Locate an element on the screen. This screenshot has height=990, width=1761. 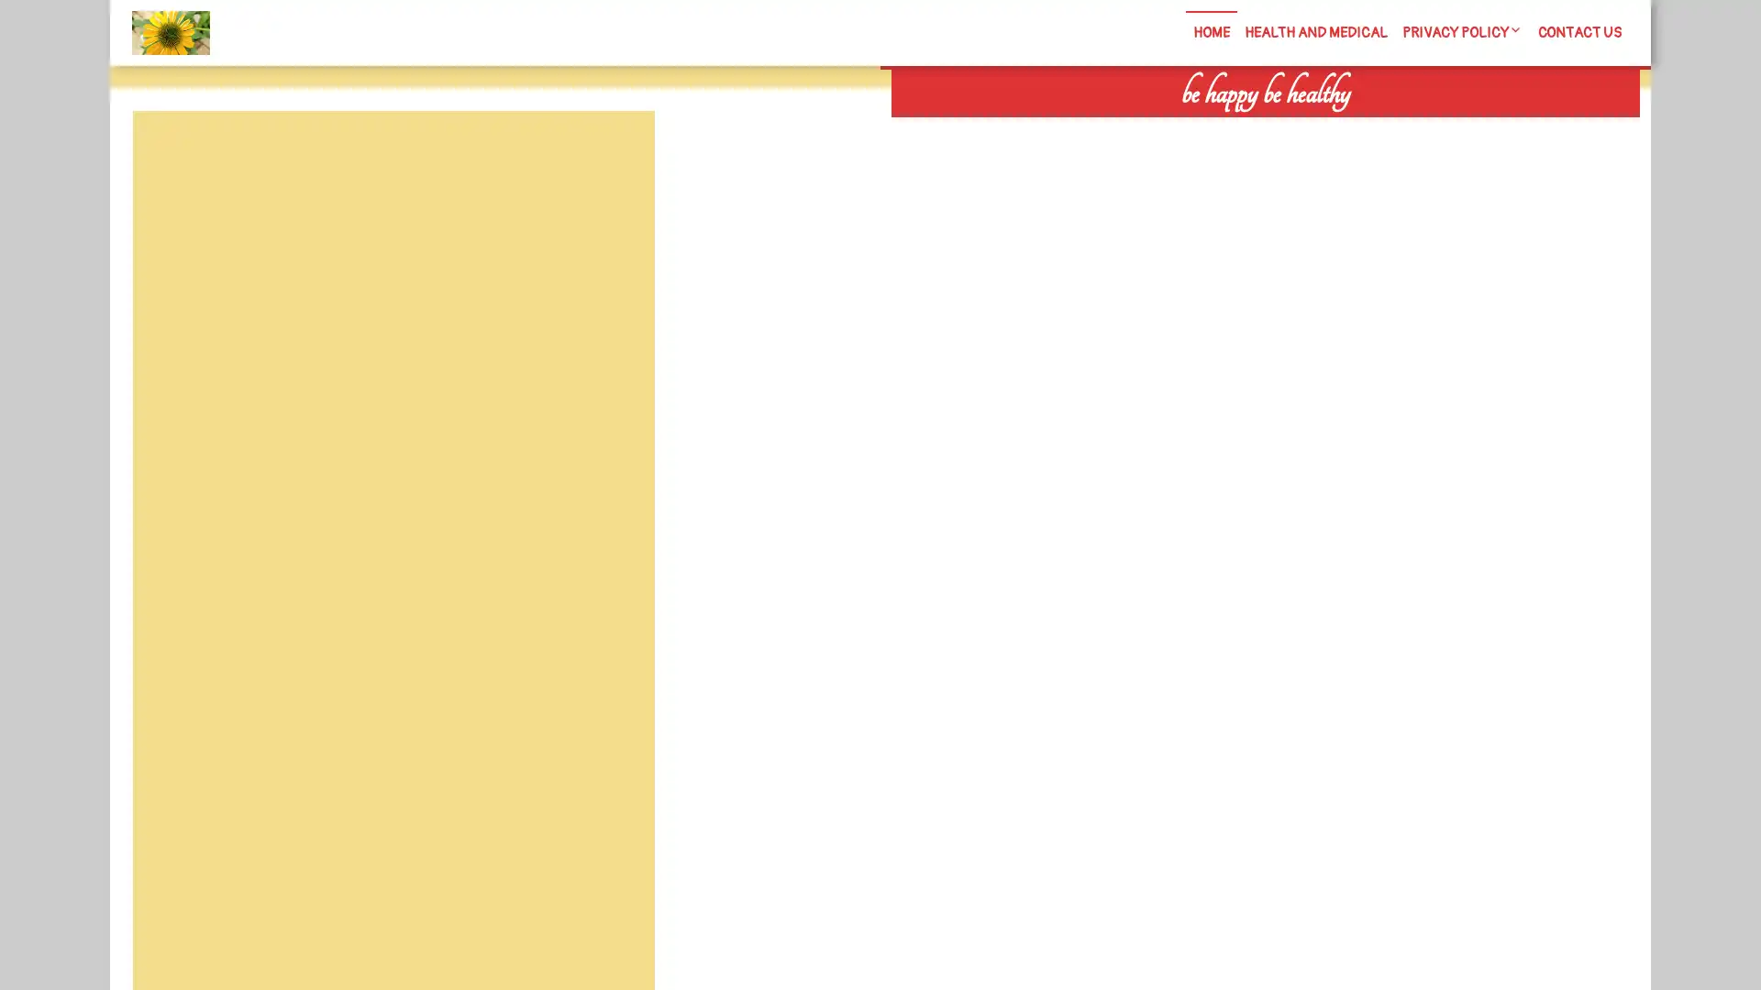
Search is located at coordinates (1428, 128).